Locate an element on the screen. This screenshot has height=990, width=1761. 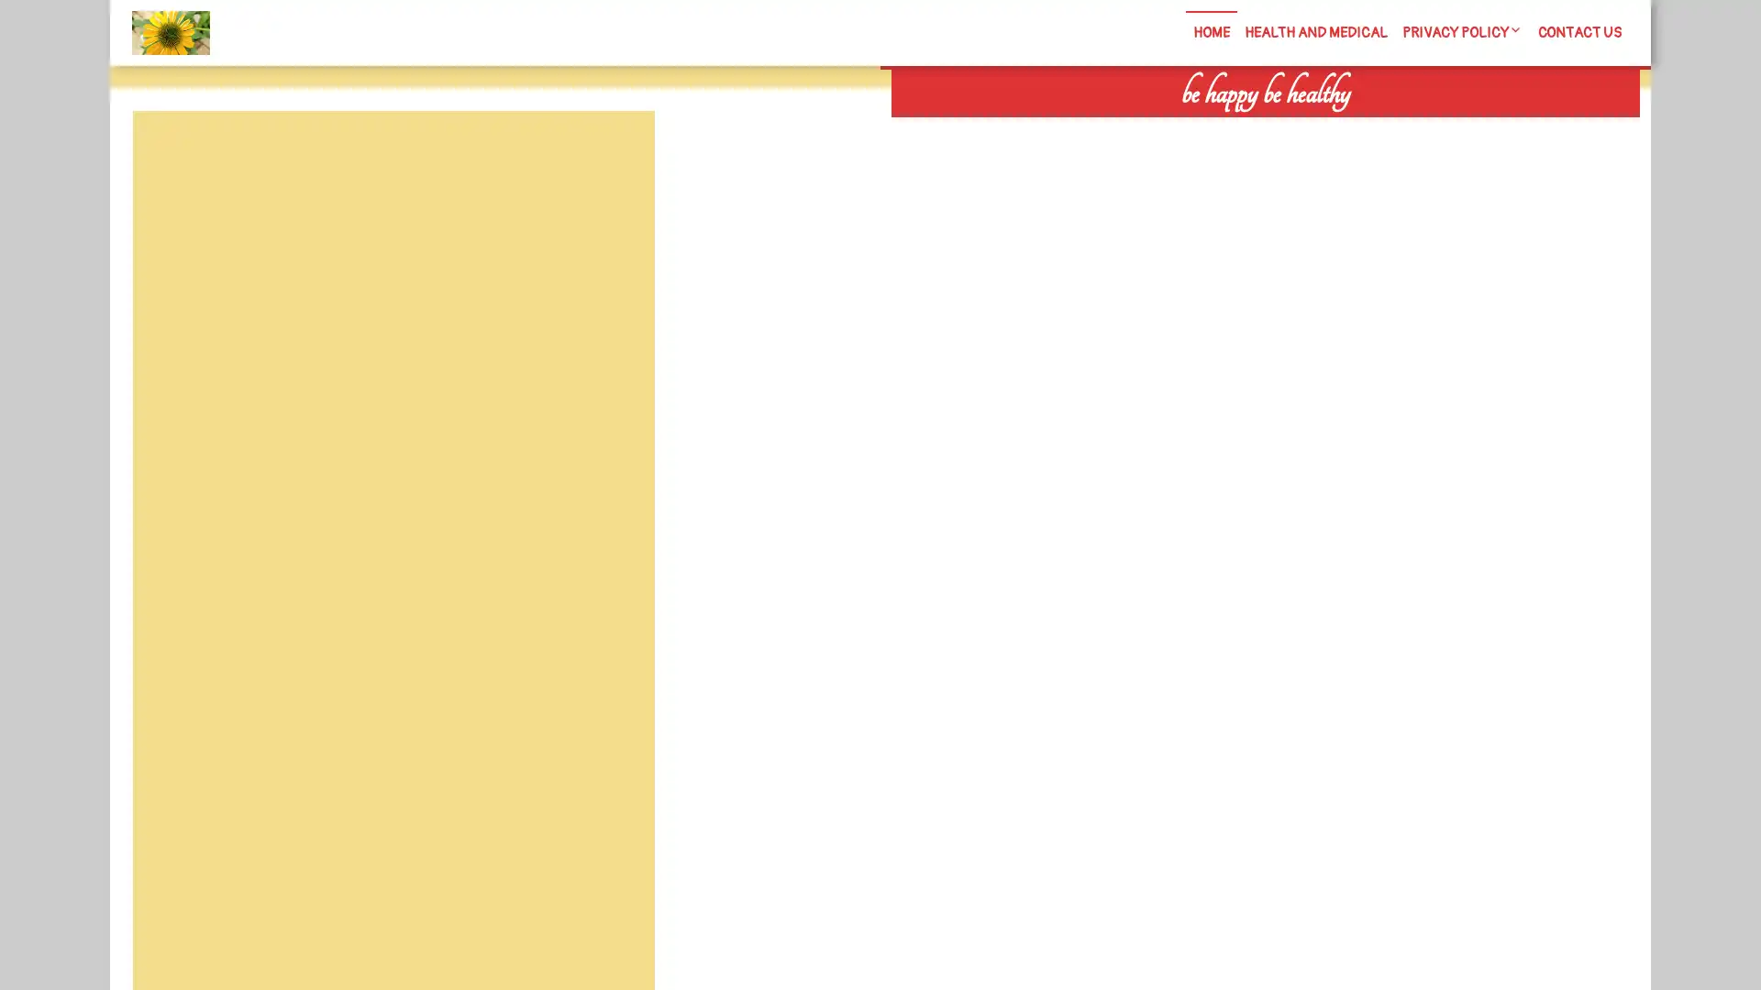
Search is located at coordinates (1428, 128).